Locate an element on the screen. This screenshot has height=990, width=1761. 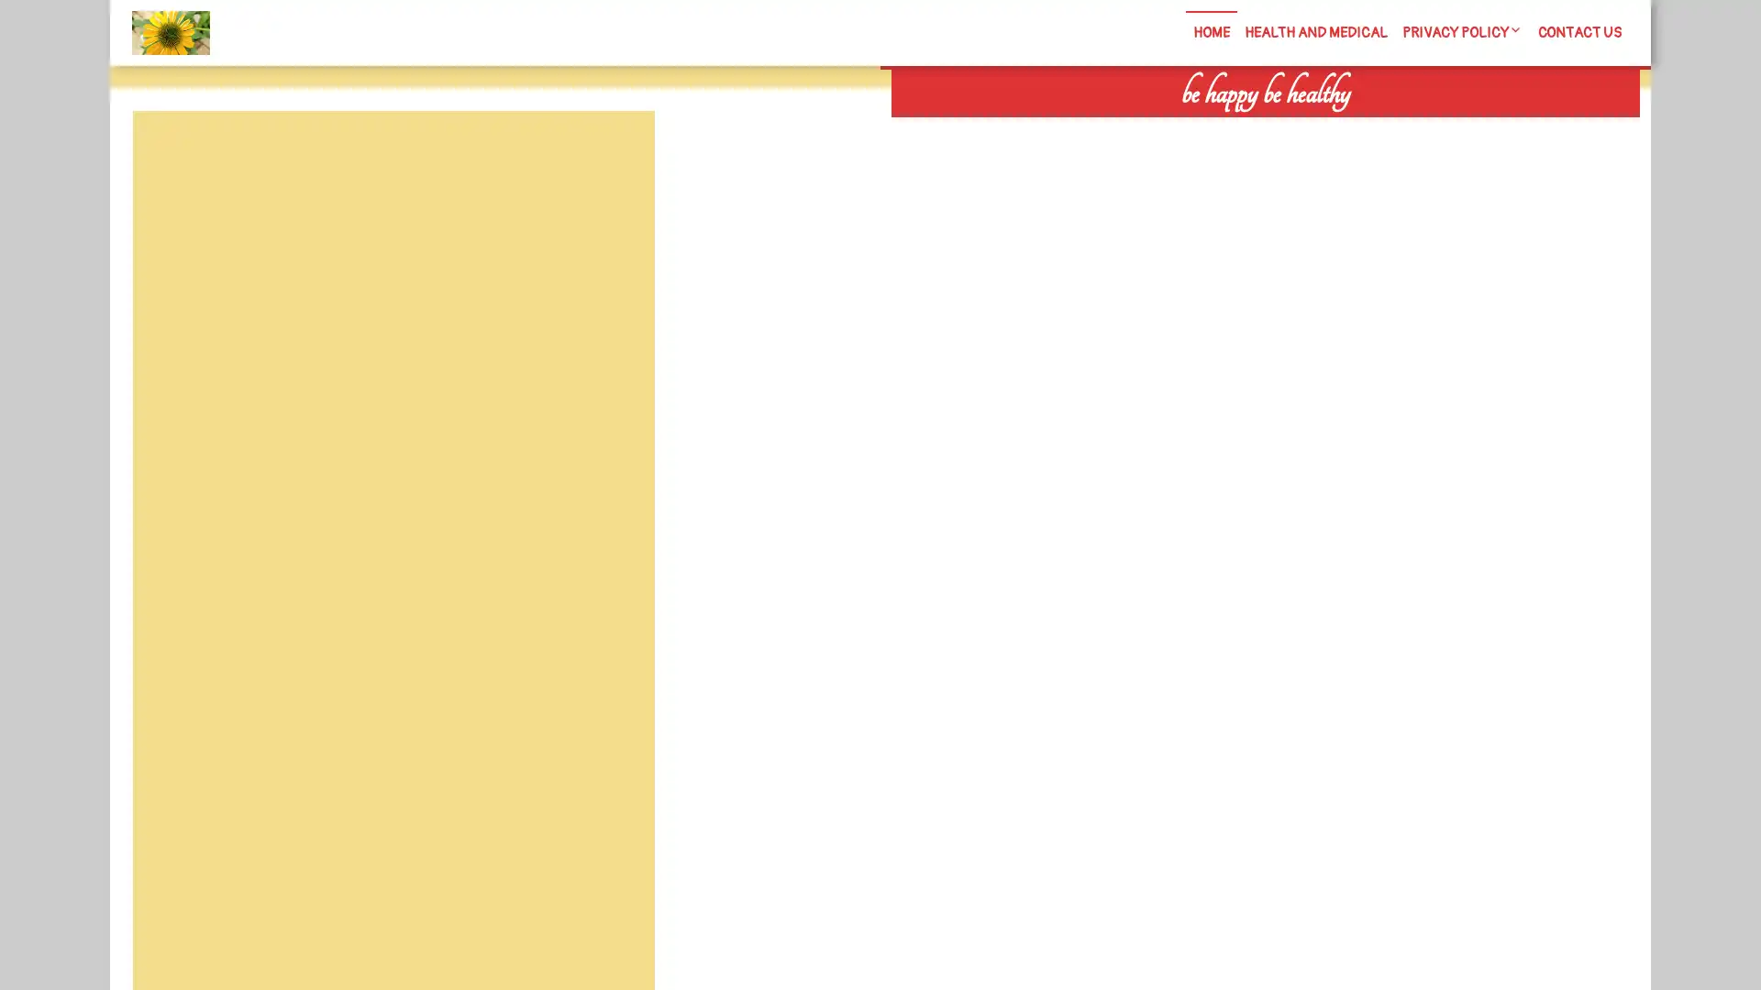
Search is located at coordinates (1428, 128).